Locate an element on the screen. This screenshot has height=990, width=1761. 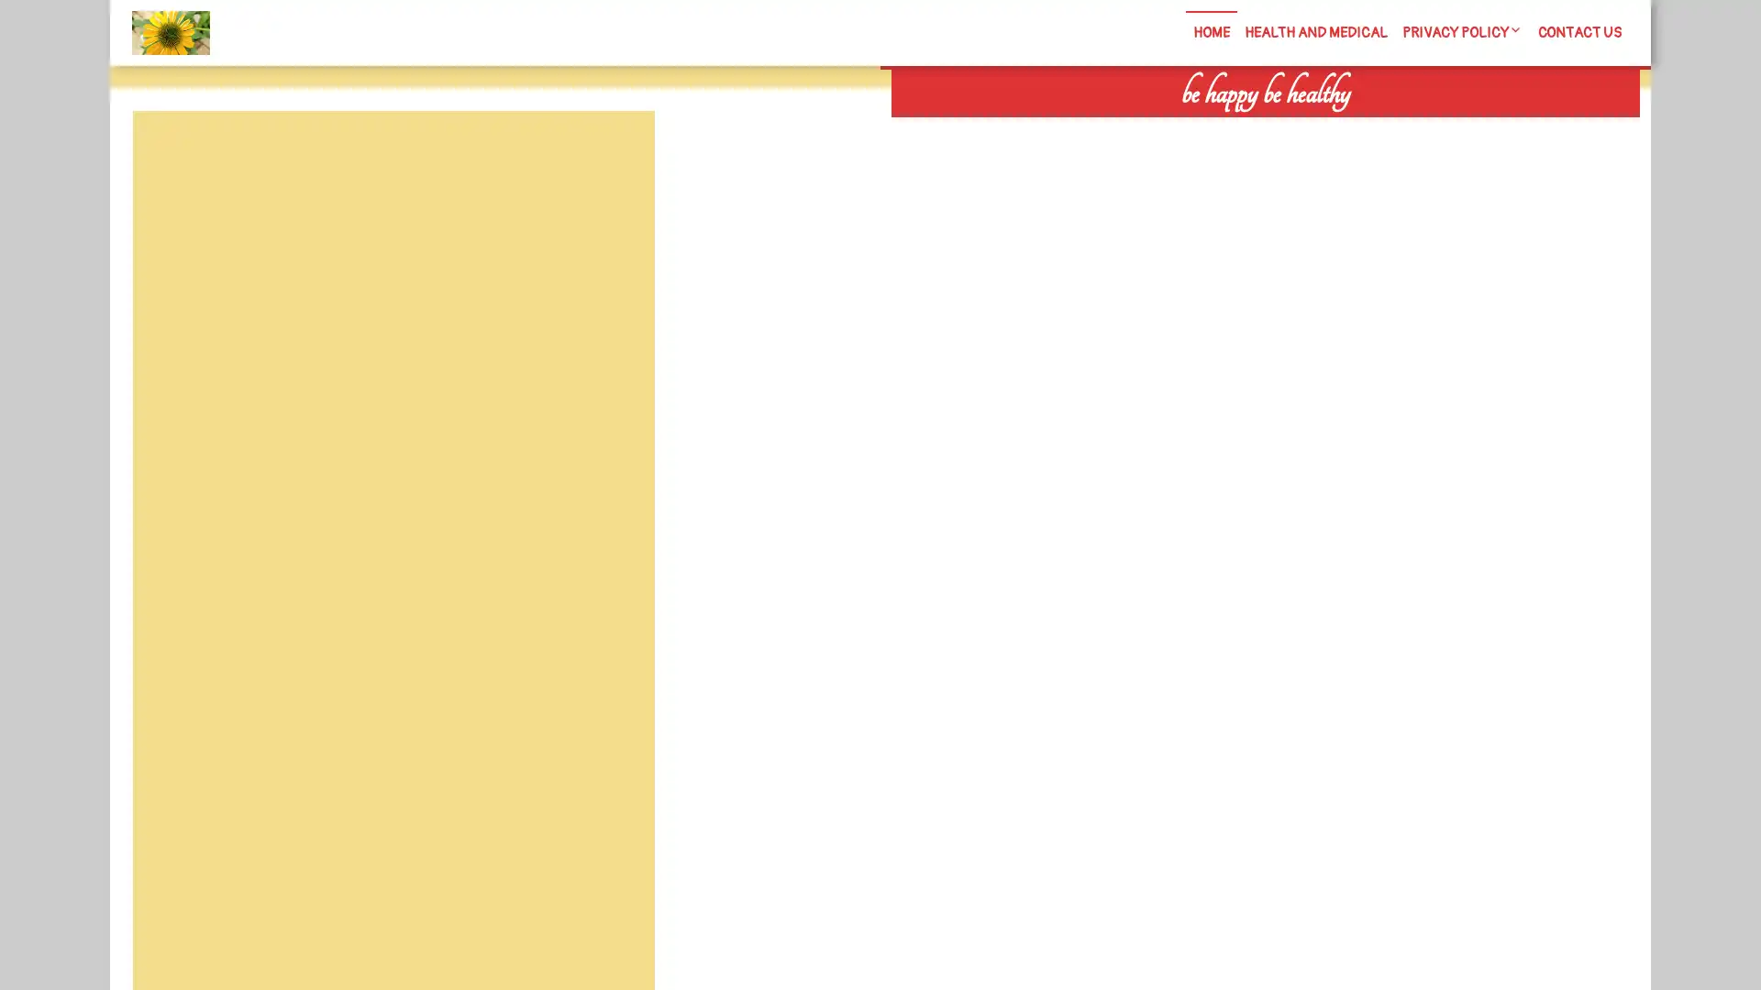
Search is located at coordinates (1428, 128).